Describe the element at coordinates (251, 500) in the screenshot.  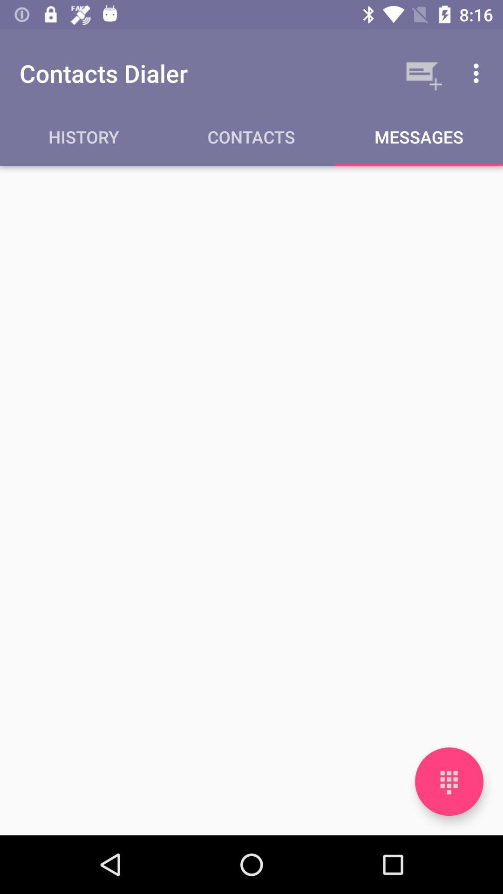
I see `item below the history icon` at that location.